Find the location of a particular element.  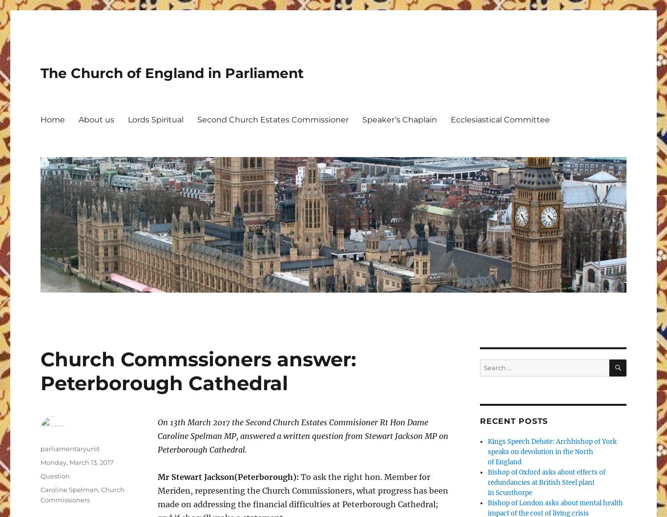

'Kings Speech Debate: Archbishop of York speaks on devolution in the North of England' is located at coordinates (552, 452).